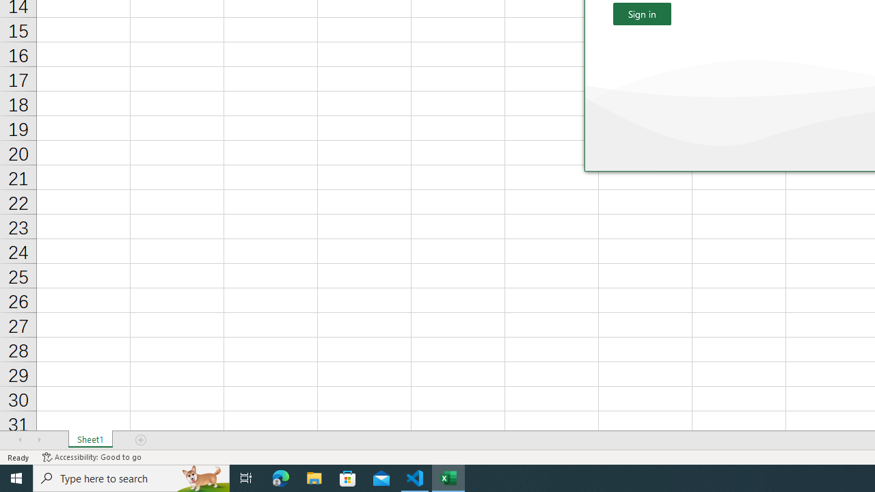  What do you see at coordinates (201, 477) in the screenshot?
I see `'Search highlights icon opens search home window'` at bounding box center [201, 477].